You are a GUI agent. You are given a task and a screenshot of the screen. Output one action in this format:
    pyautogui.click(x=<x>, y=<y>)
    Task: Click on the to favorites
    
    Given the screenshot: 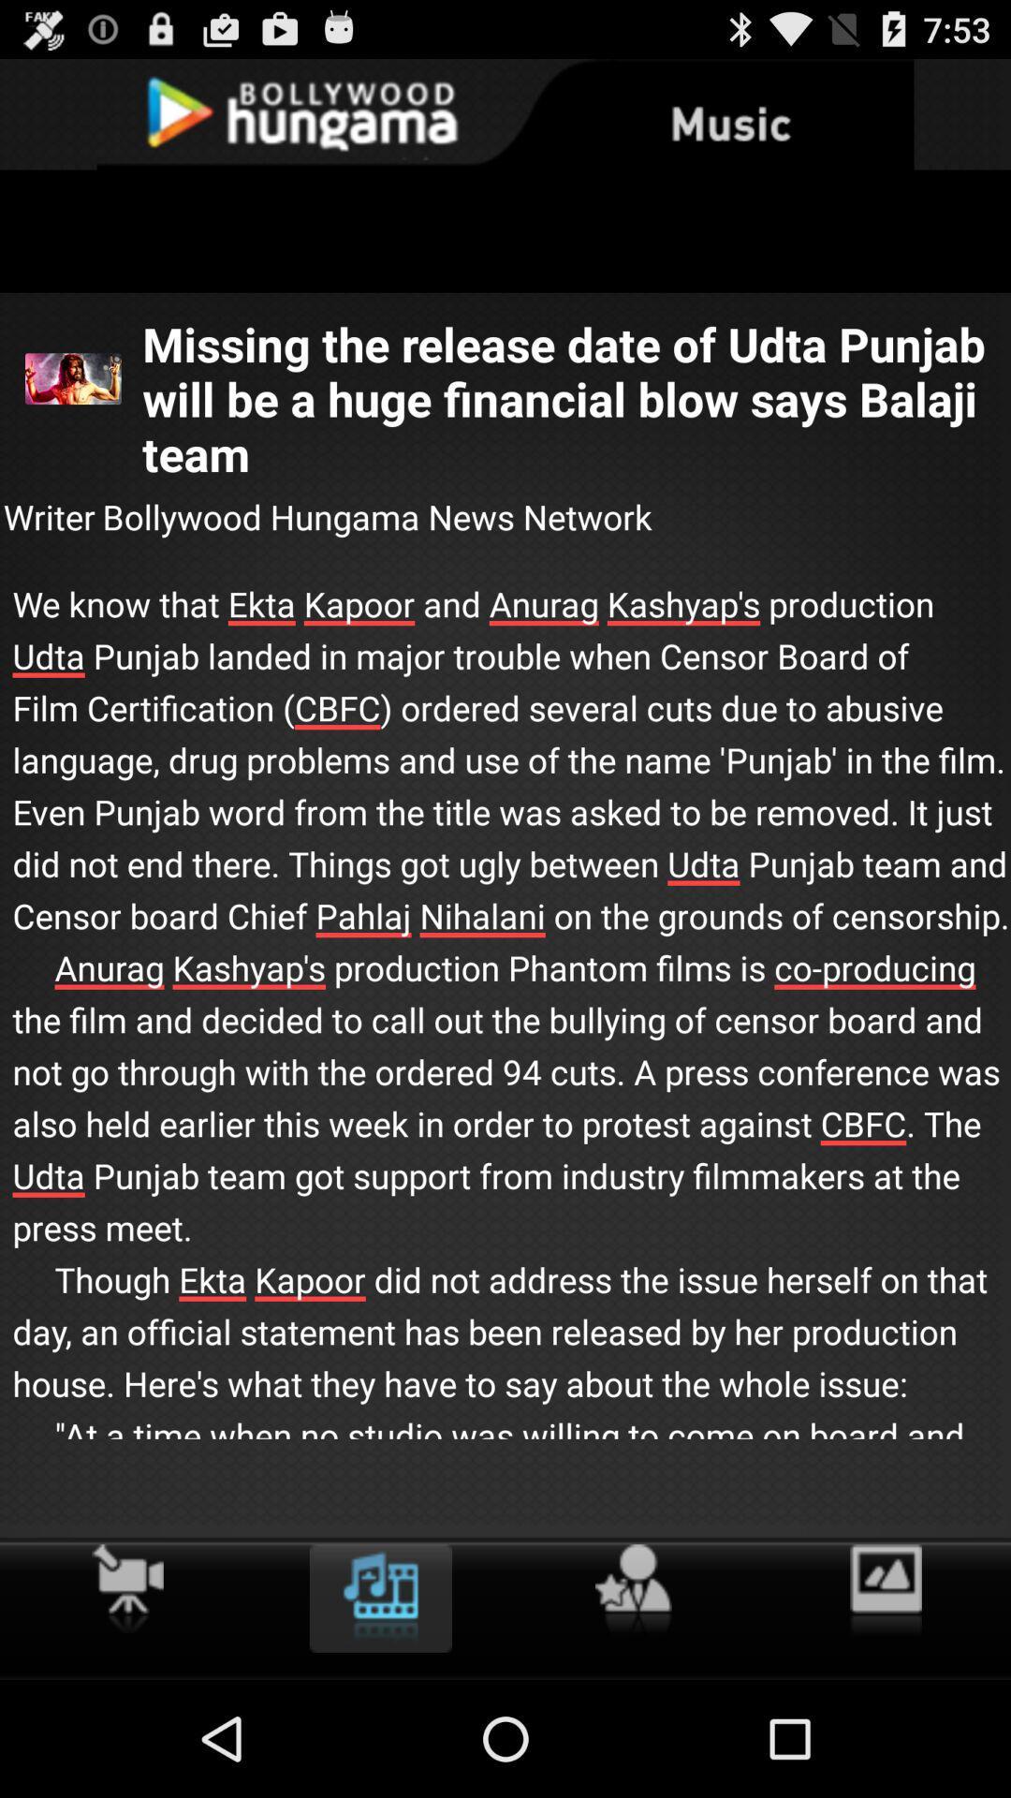 What is the action you would take?
    pyautogui.click(x=632, y=1589)
    